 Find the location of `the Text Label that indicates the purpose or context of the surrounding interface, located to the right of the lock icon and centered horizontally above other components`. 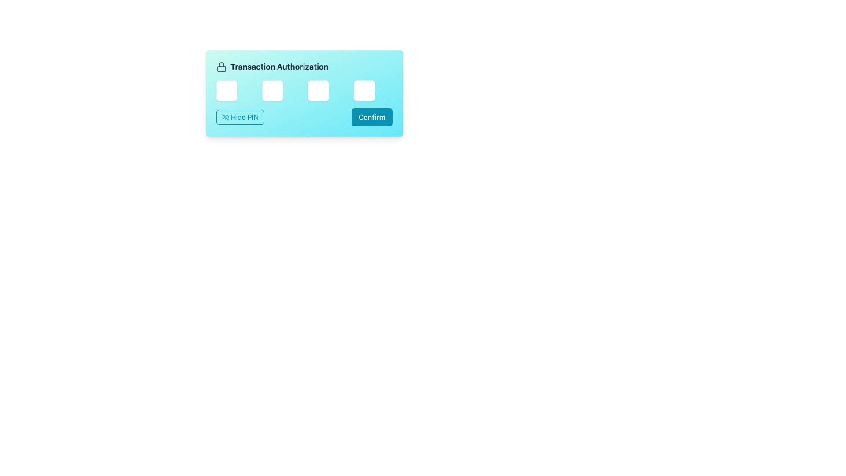

the Text Label that indicates the purpose or context of the surrounding interface, located to the right of the lock icon and centered horizontally above other components is located at coordinates (279, 66).